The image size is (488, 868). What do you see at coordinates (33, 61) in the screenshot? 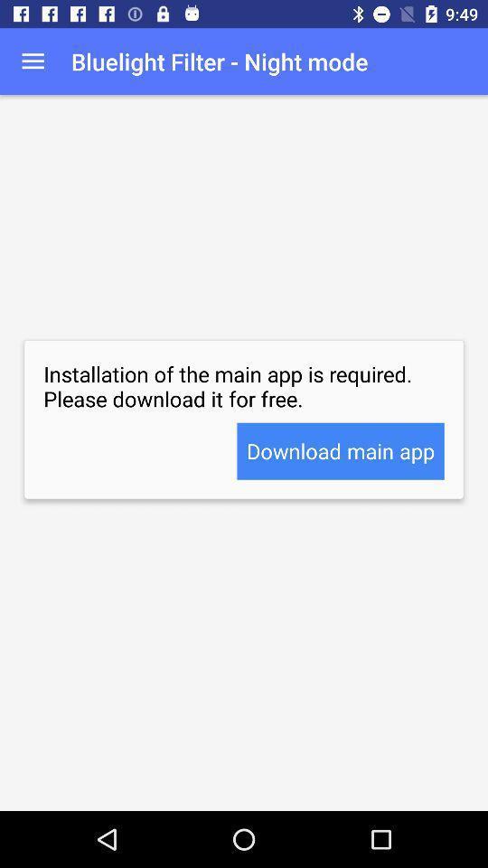
I see `the item above the installation of the item` at bounding box center [33, 61].